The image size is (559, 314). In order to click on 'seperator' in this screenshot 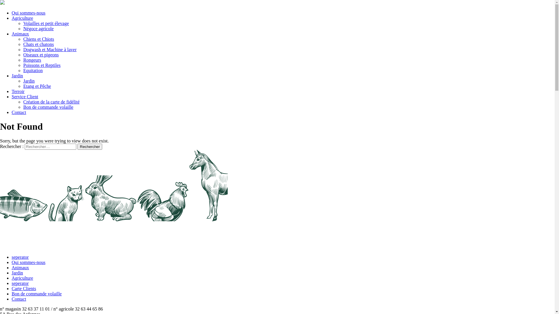, I will do `click(20, 283)`.